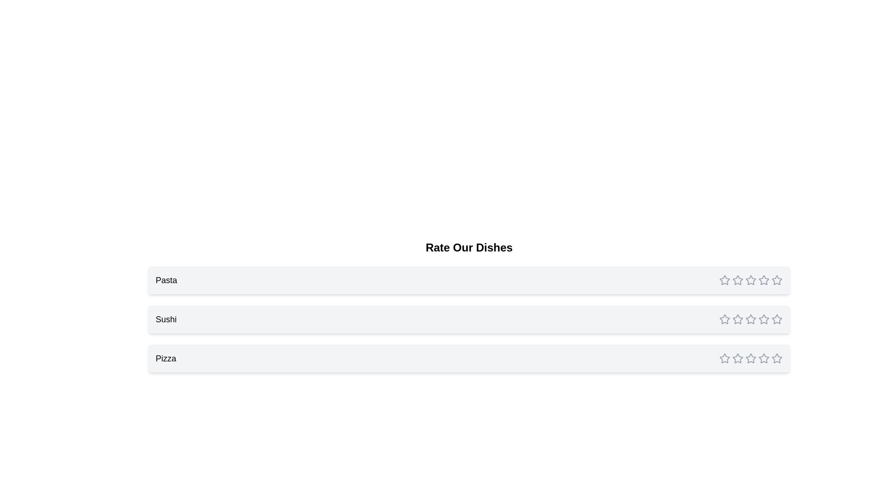  I want to click on the sixth star in the rating group associated with the 'Sushi' item, so click(764, 279).